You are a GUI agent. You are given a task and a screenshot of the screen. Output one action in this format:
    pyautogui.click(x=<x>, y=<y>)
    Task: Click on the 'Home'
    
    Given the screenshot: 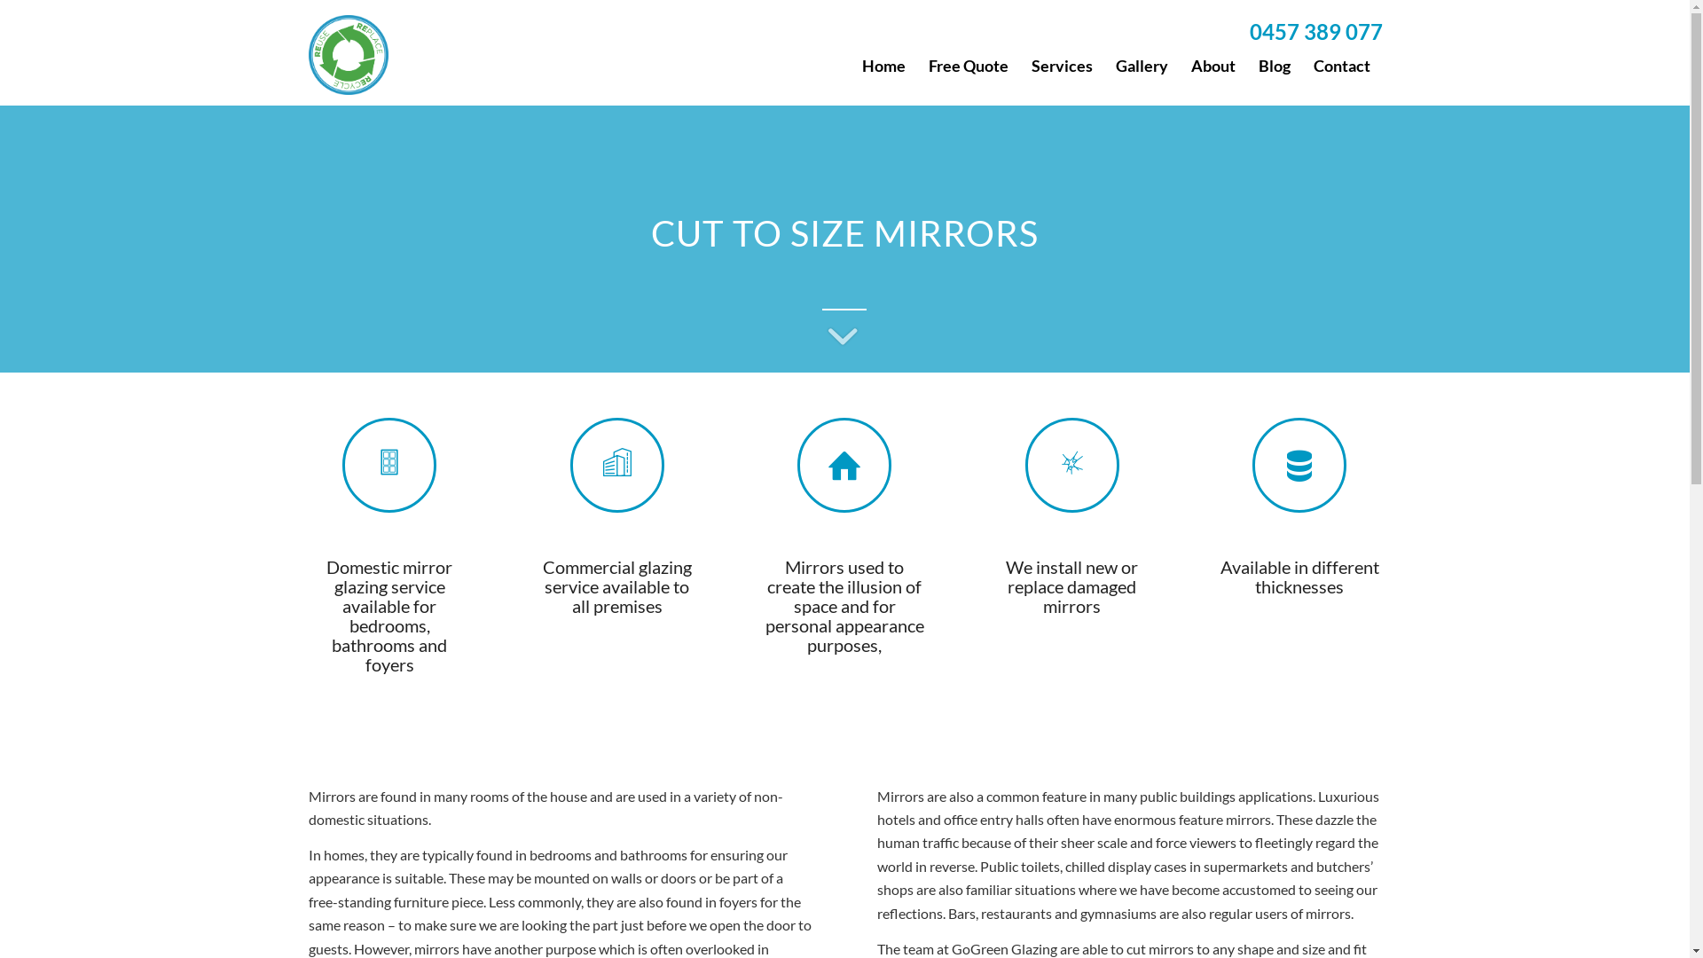 What is the action you would take?
    pyautogui.click(x=883, y=64)
    